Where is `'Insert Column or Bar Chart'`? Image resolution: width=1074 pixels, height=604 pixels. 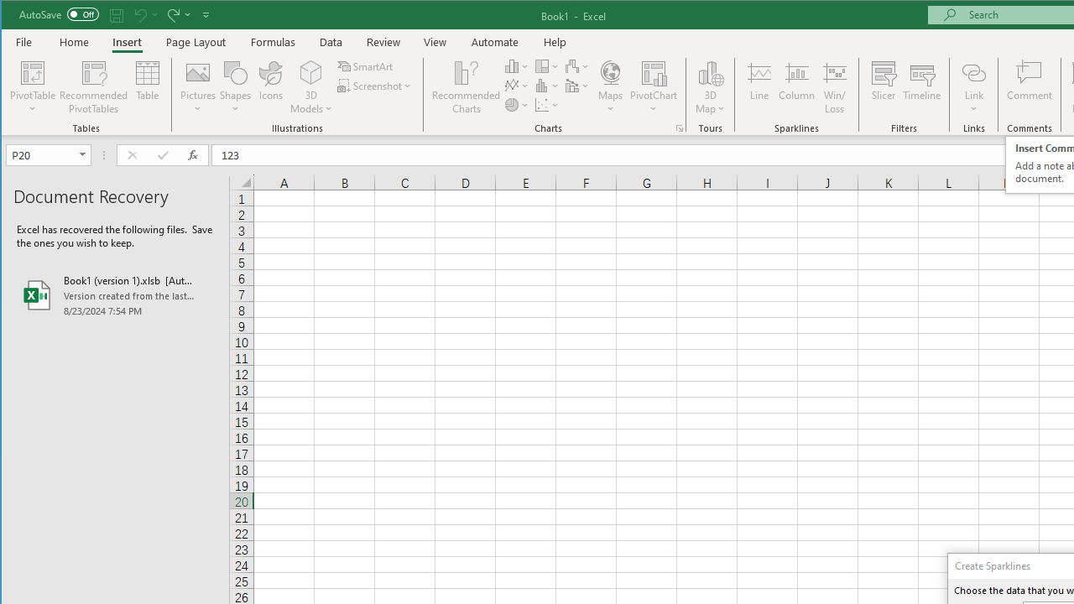 'Insert Column or Bar Chart' is located at coordinates (516, 65).